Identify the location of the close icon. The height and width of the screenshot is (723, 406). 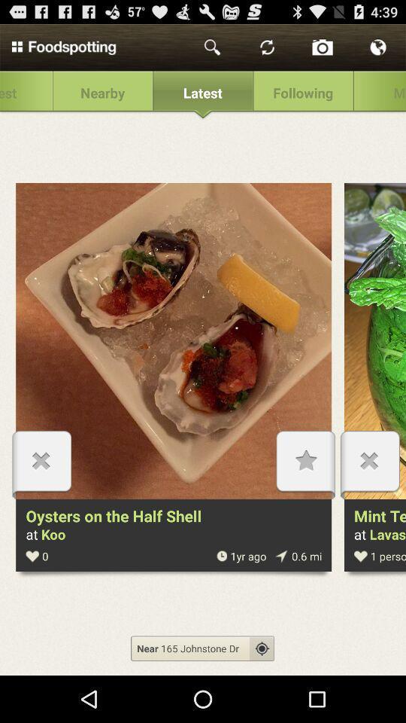
(41, 492).